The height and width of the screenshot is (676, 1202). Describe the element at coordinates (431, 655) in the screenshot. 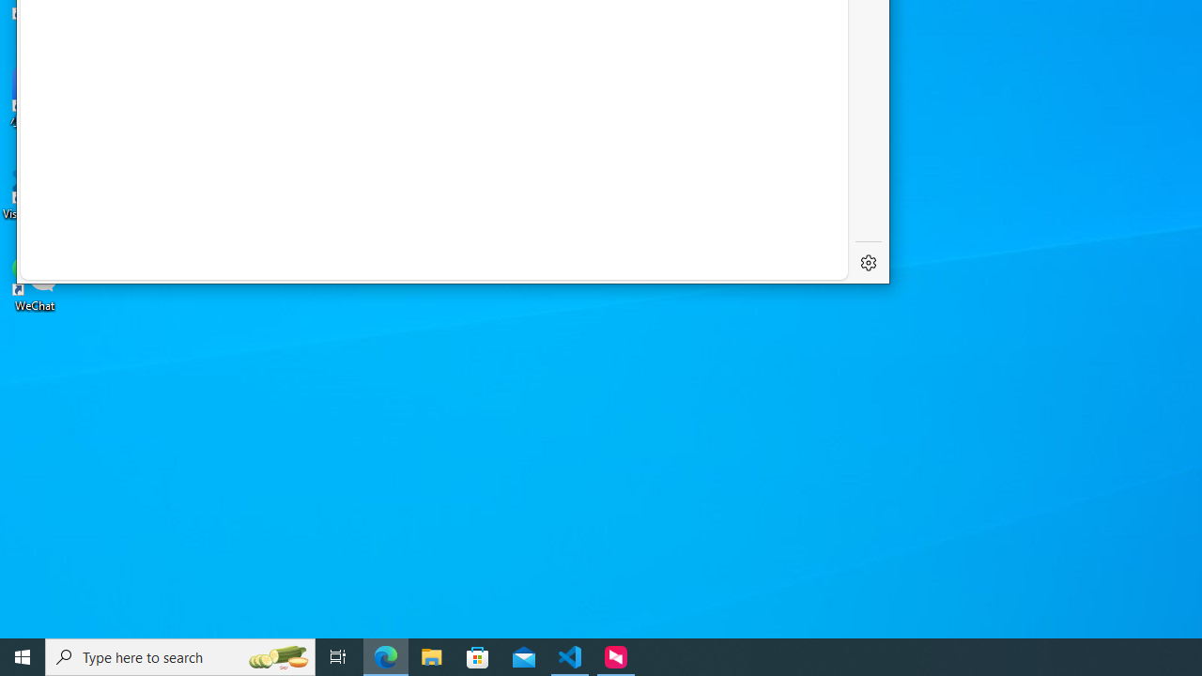

I see `'File Explorer'` at that location.